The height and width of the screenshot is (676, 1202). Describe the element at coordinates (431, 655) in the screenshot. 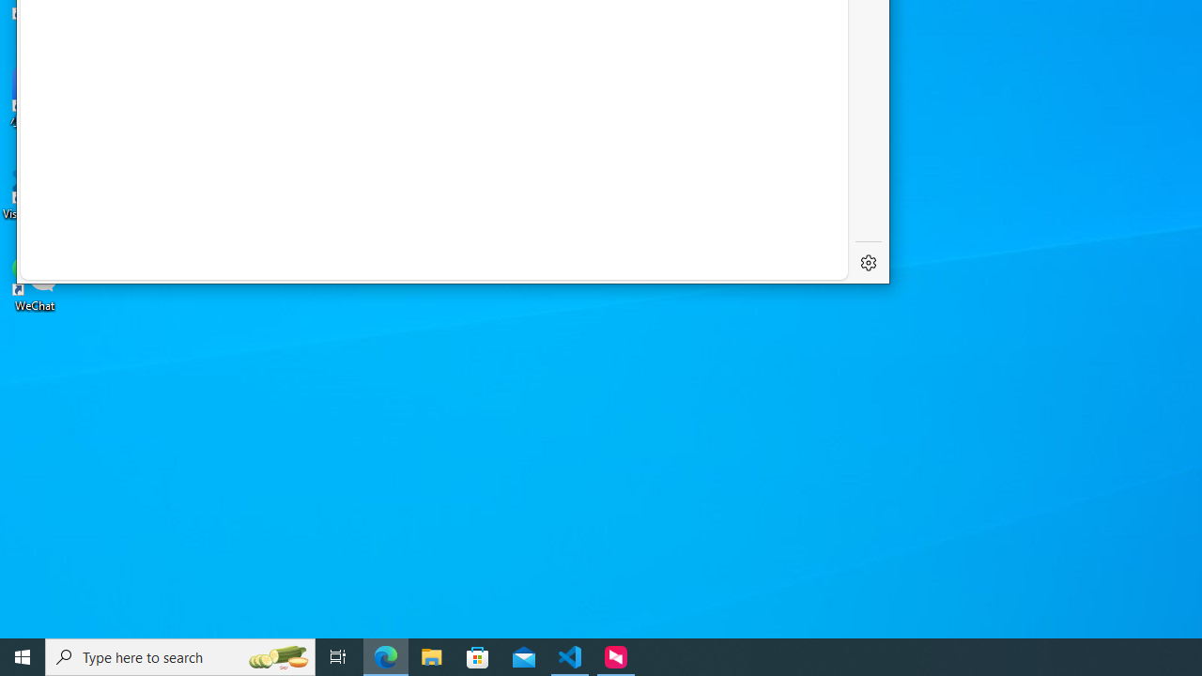

I see `'File Explorer'` at that location.